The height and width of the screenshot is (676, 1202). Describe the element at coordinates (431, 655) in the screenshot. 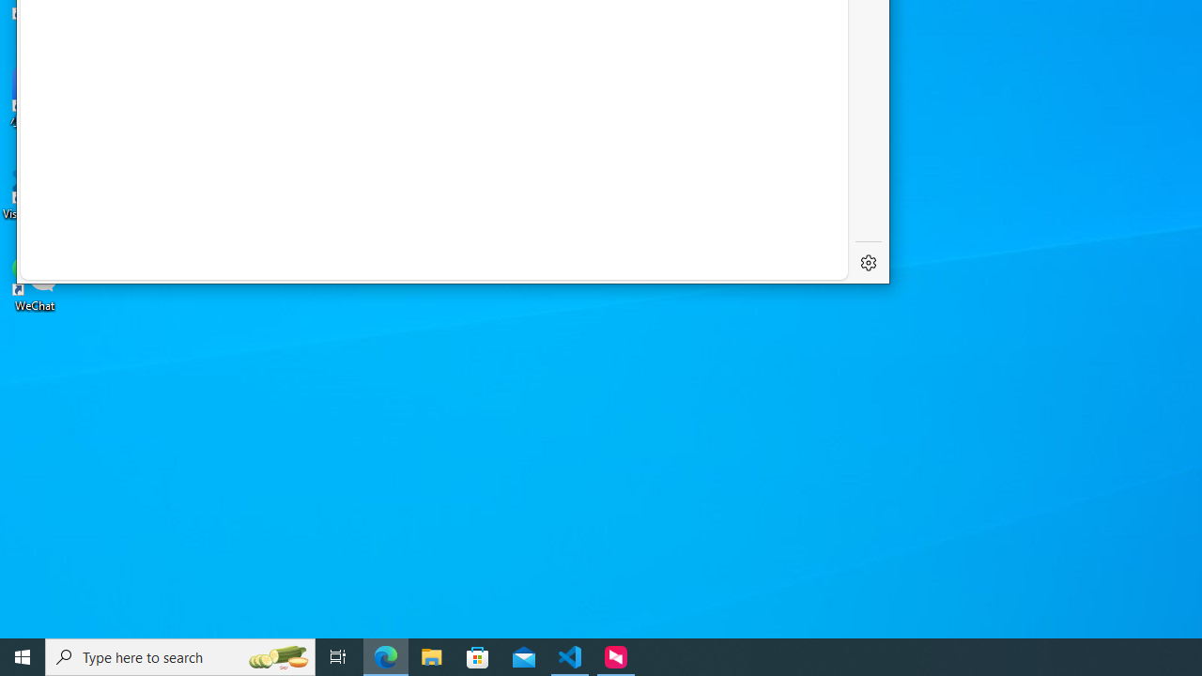

I see `'File Explorer'` at that location.